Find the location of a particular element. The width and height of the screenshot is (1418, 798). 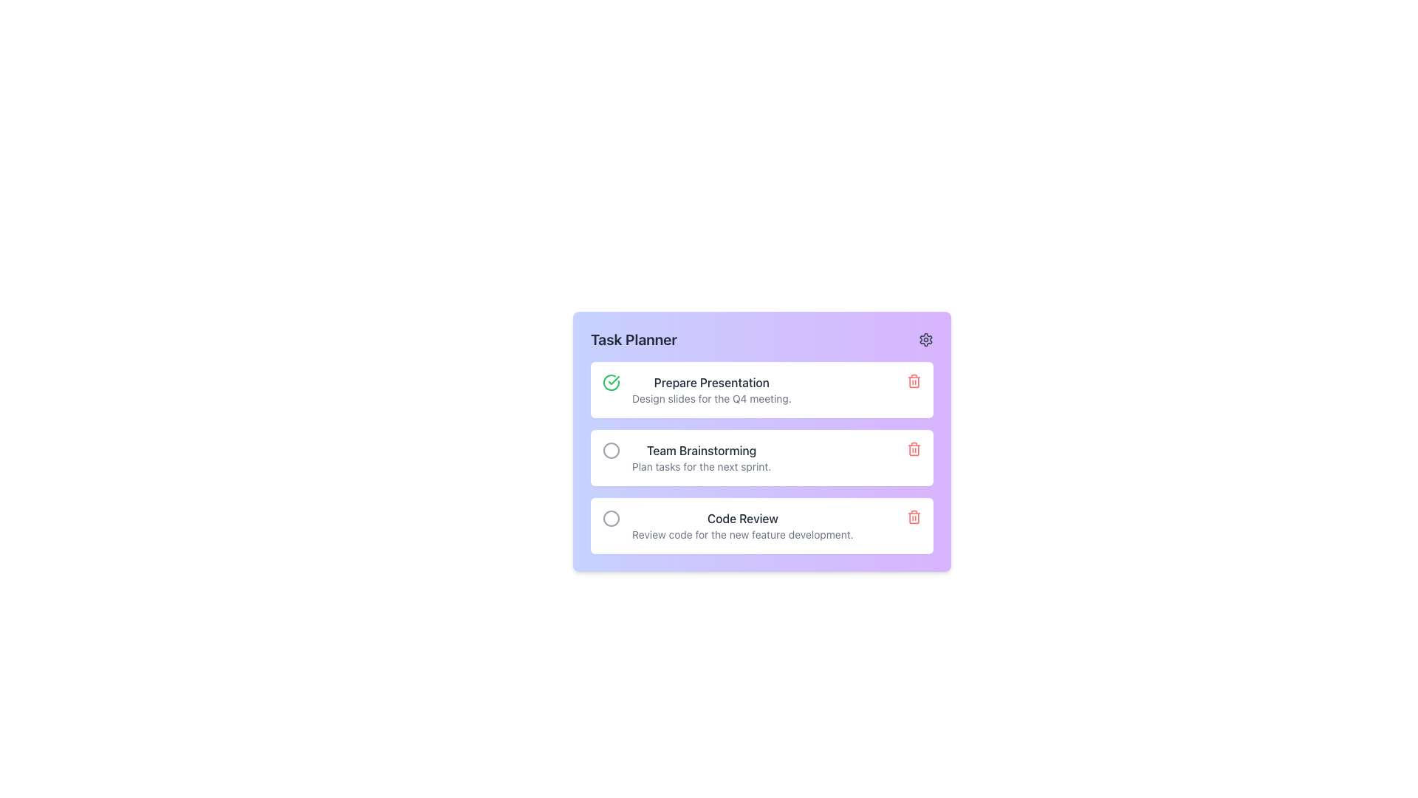

the Text Label that denotes the title of a task in the 'Task Planner' interface, located in the middle of the second task card is located at coordinates (701, 449).